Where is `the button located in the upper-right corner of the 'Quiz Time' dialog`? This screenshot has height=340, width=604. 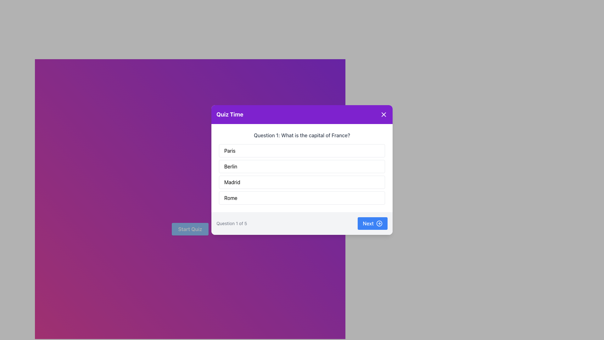
the button located in the upper-right corner of the 'Quiz Time' dialog is located at coordinates (383, 114).